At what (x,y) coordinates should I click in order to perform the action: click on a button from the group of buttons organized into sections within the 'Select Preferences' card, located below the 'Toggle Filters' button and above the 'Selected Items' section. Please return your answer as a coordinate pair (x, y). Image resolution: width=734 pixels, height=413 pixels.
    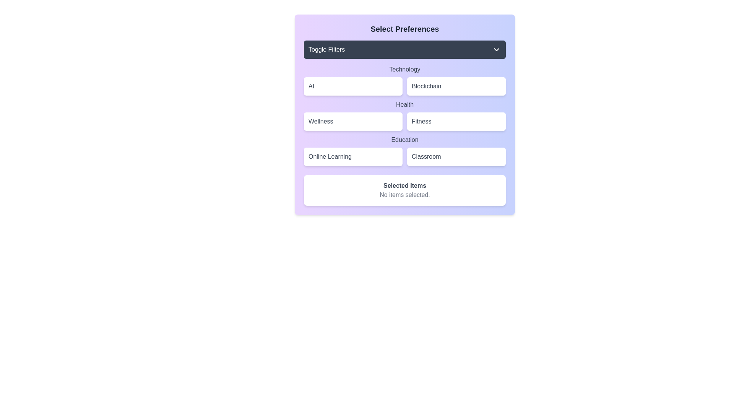
    Looking at the image, I should click on (404, 115).